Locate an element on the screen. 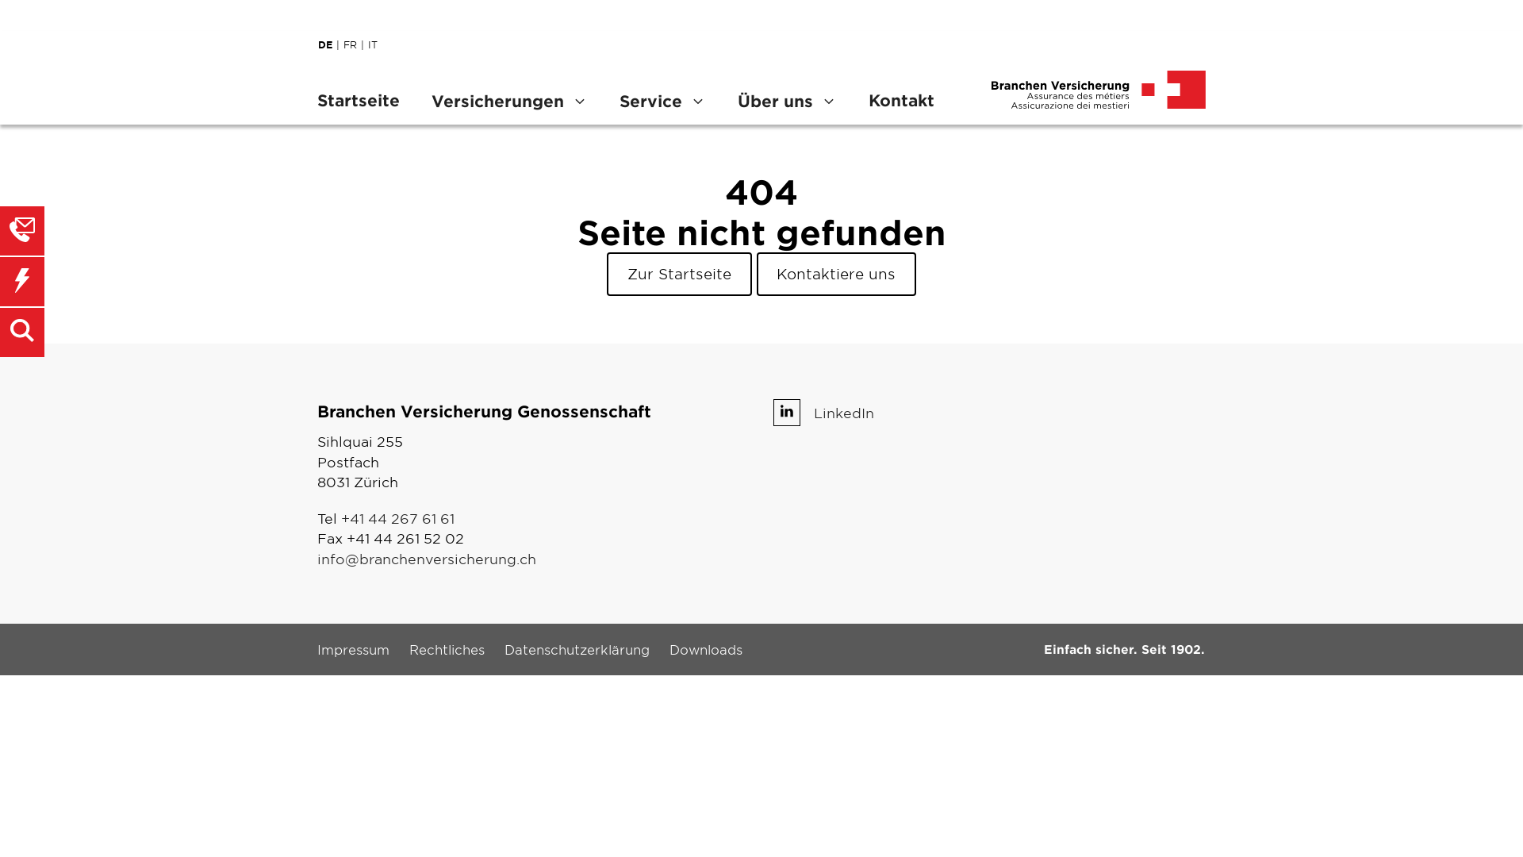 This screenshot has height=857, width=1523. 'DE' is located at coordinates (330, 44).